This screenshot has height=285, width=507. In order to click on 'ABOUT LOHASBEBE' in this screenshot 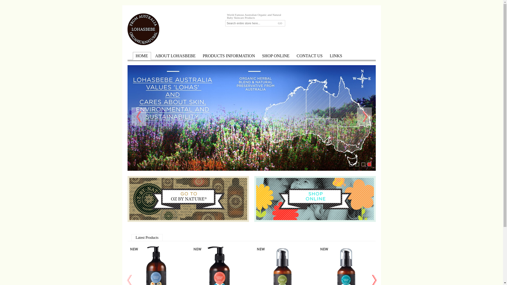, I will do `click(152, 56)`.